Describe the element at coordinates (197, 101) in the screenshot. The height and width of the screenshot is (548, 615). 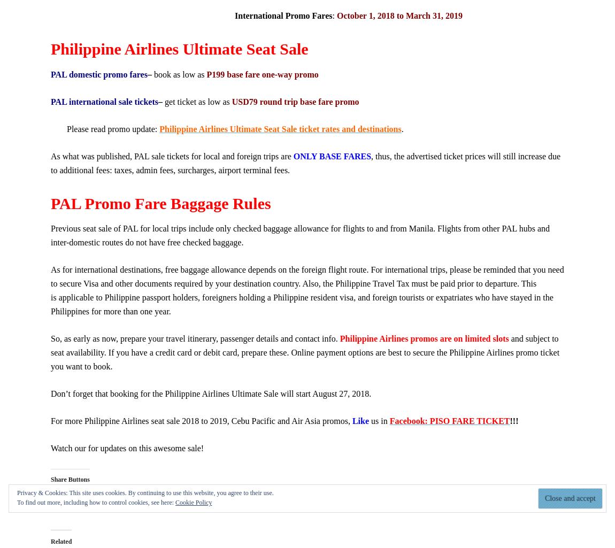
I see `'get ticket as low as'` at that location.